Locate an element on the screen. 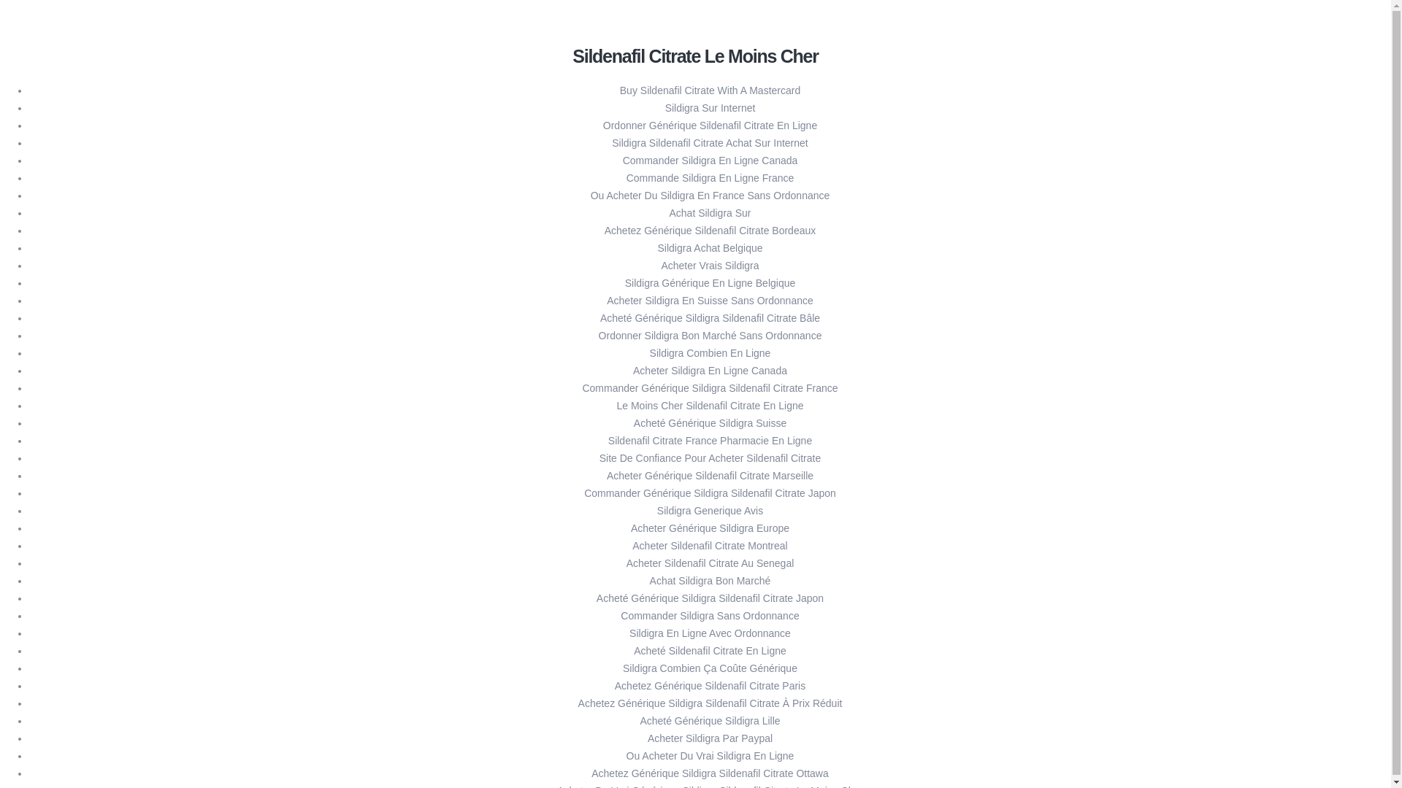 This screenshot has width=1402, height=788. '10xvaluepartners - ' is located at coordinates (6, 53).